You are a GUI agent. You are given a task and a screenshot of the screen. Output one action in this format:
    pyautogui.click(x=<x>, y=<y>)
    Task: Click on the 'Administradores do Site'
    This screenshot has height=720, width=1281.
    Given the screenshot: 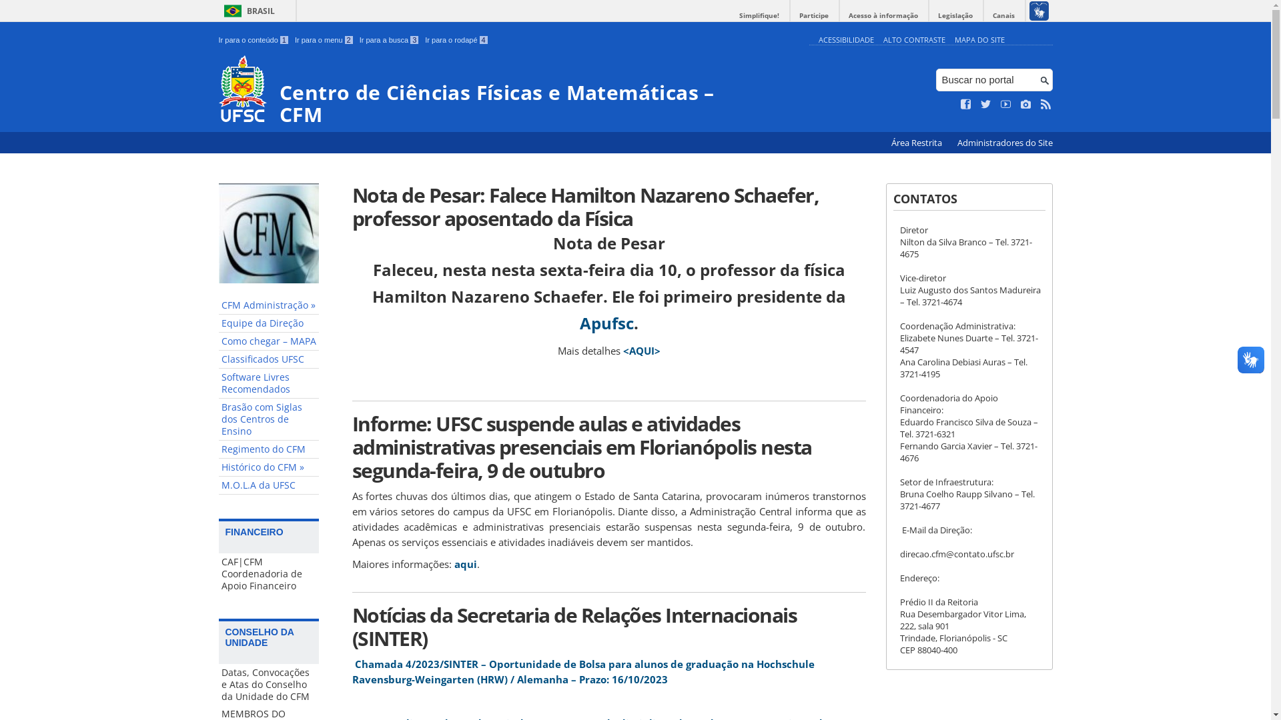 What is the action you would take?
    pyautogui.click(x=1004, y=143)
    